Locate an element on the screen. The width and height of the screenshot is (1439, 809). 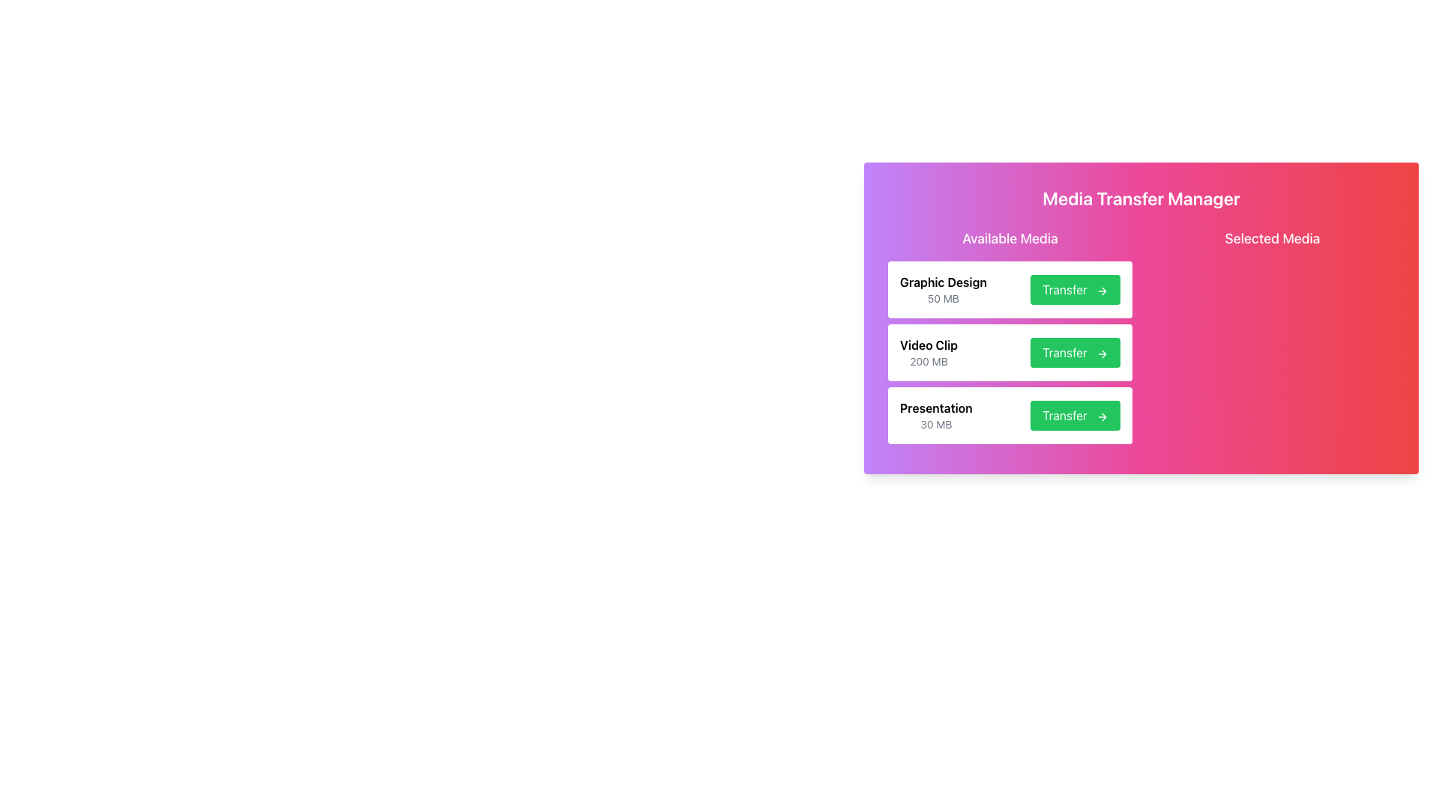
the first media list item displaying 'Graphic Design' and '50 MB' is located at coordinates (1010, 289).